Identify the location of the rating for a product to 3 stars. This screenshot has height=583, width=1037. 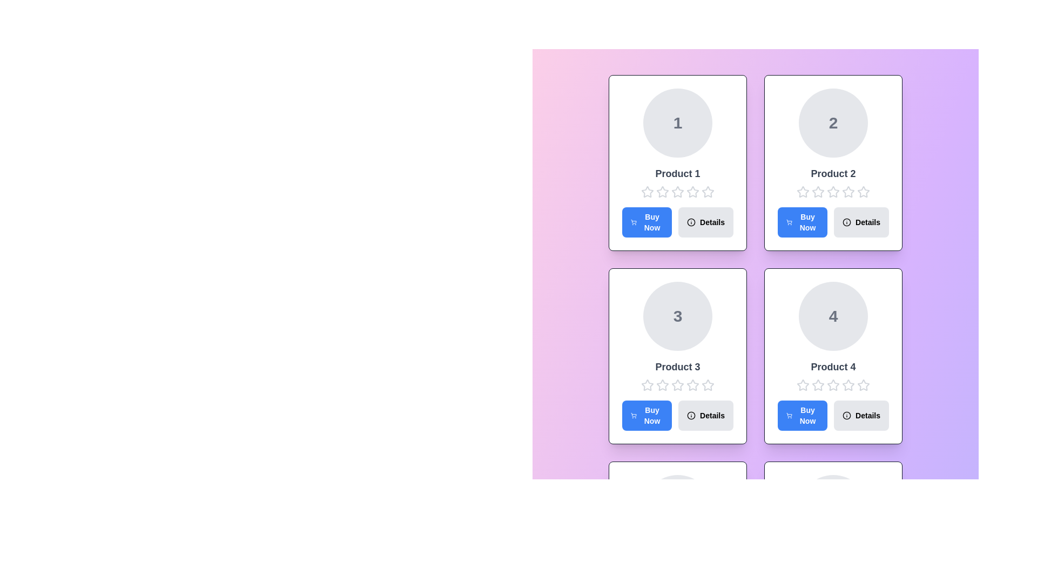
(677, 191).